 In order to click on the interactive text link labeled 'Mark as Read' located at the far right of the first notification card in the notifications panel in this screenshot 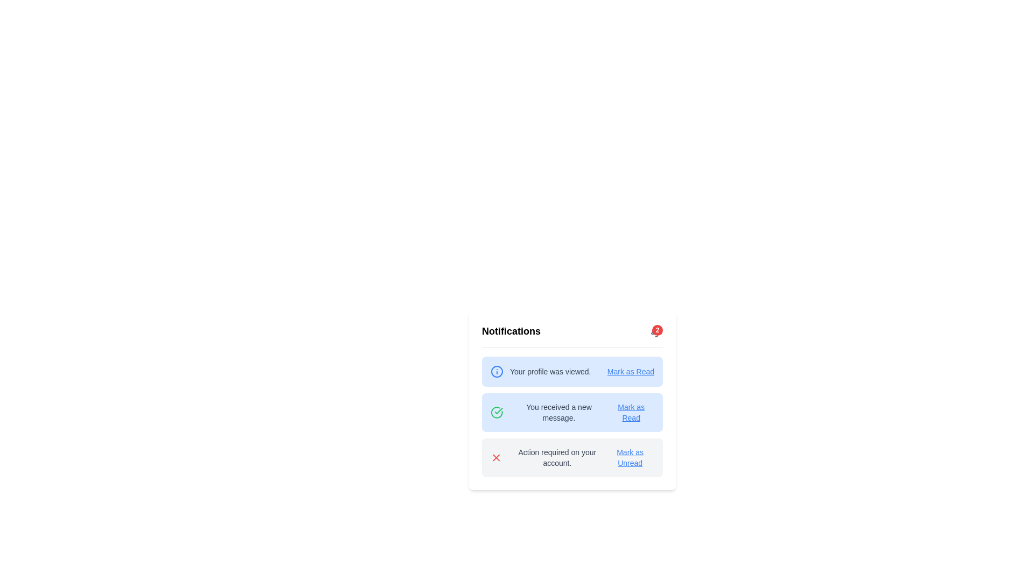, I will do `click(631, 371)`.